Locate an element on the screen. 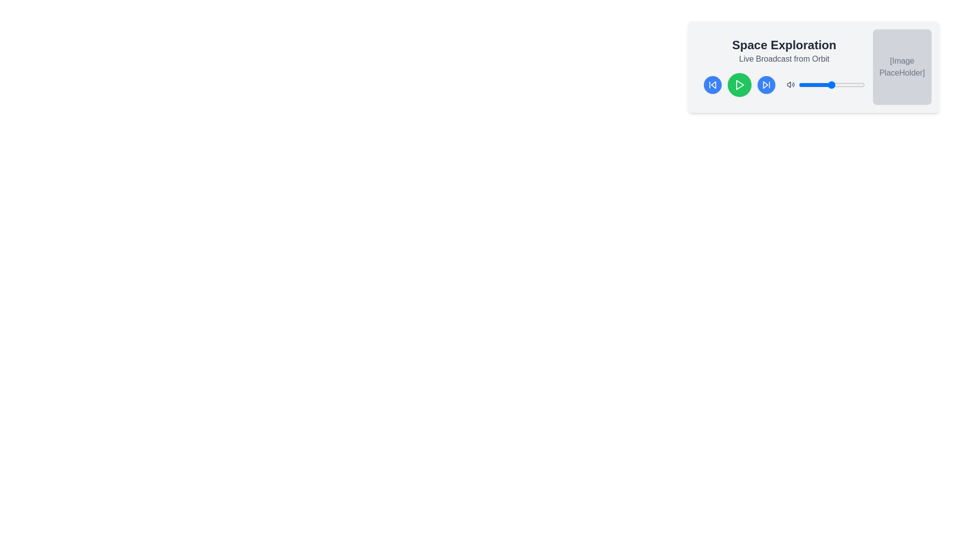  the play button located centrally within the interface, which is the second icon from the left in a horizontal layout of control buttons, to initiate media playback is located at coordinates (740, 84).